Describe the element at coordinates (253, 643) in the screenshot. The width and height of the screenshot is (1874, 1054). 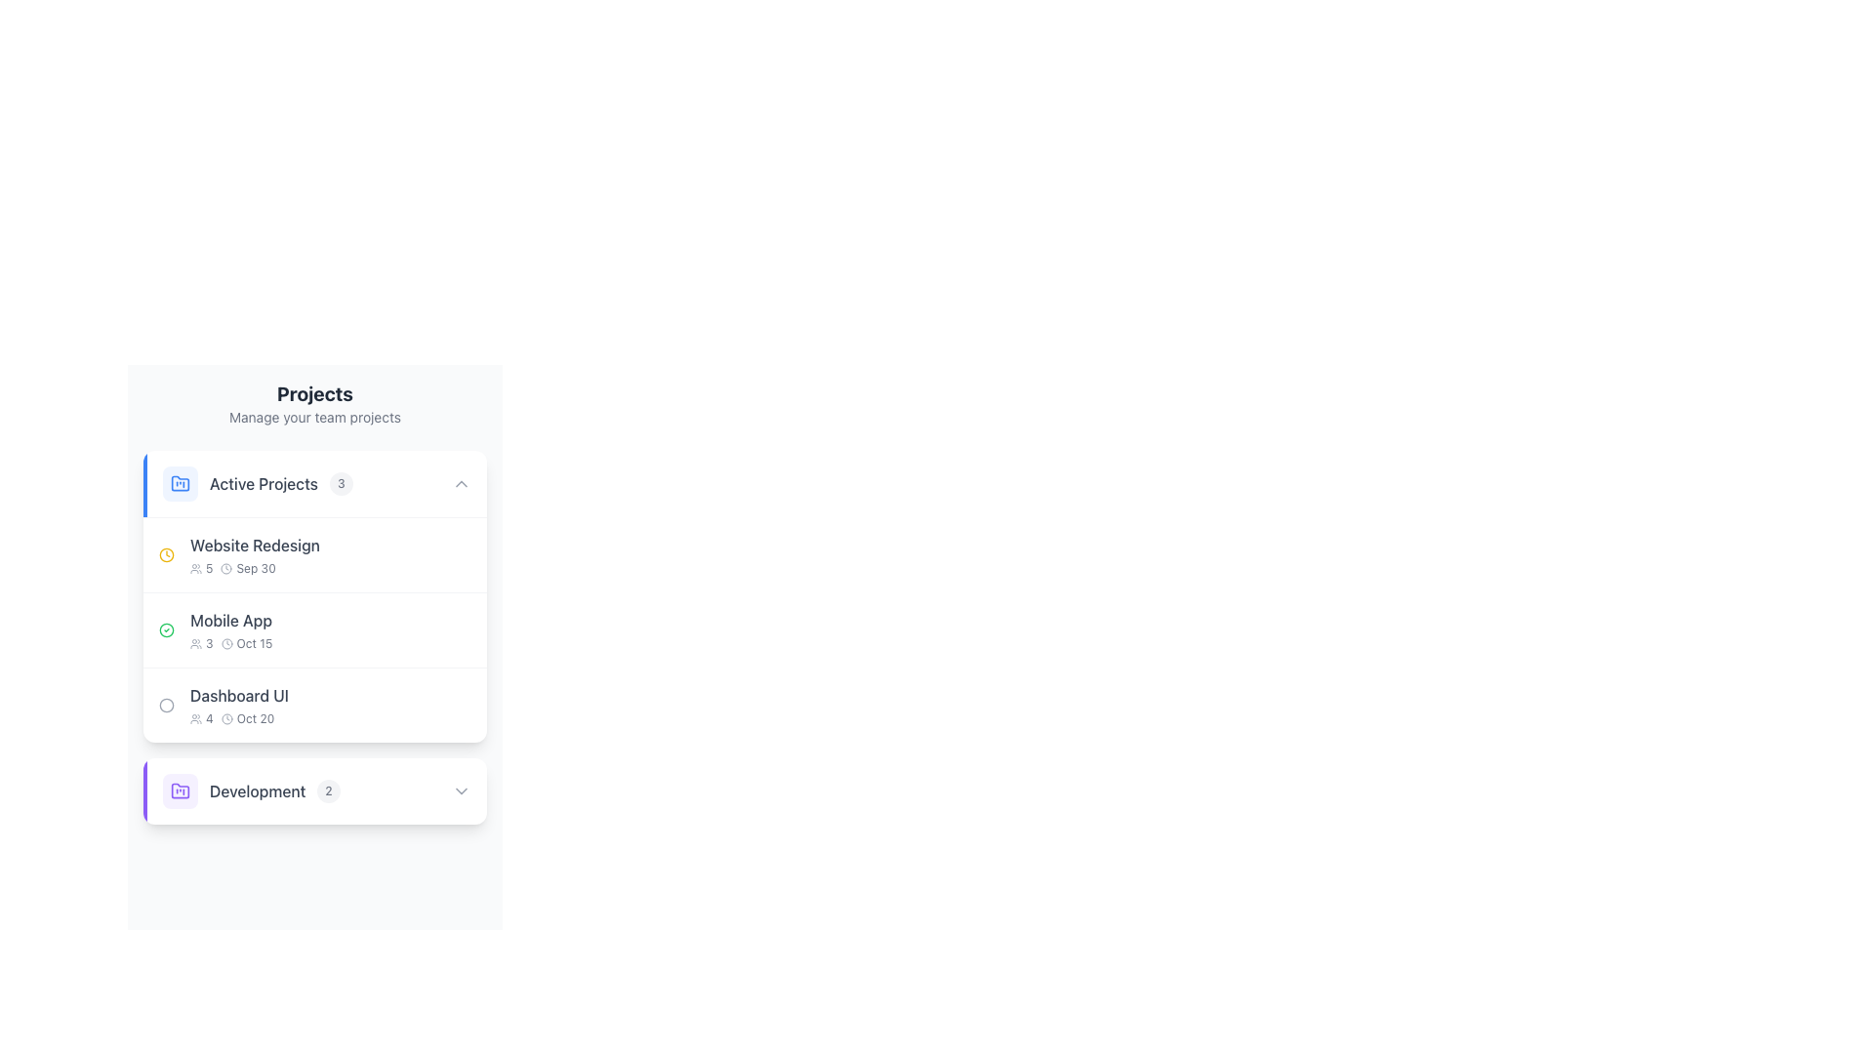
I see `the static text label displaying 'Oct 15', which is styled in light gray and located to the right of a clock icon in the 'Mobile App' project listing under 'Active Projects'` at that location.